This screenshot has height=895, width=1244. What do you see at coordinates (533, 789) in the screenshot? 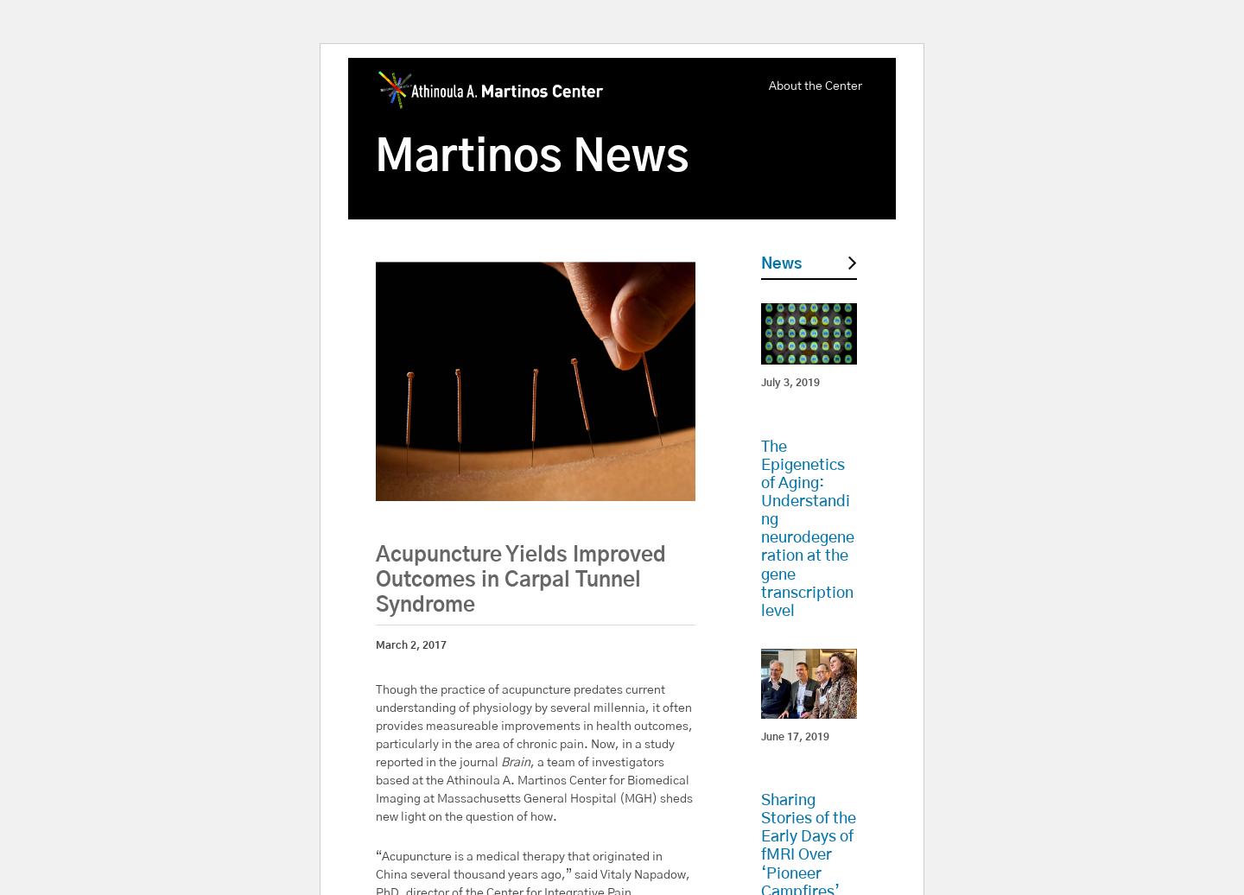
I see `', a team of investigators based at the Athinoula A. Martinos Center for Biomedical Imaging at Massachusetts General Hospital (MGH) sheds new light on the question of how.'` at bounding box center [533, 789].